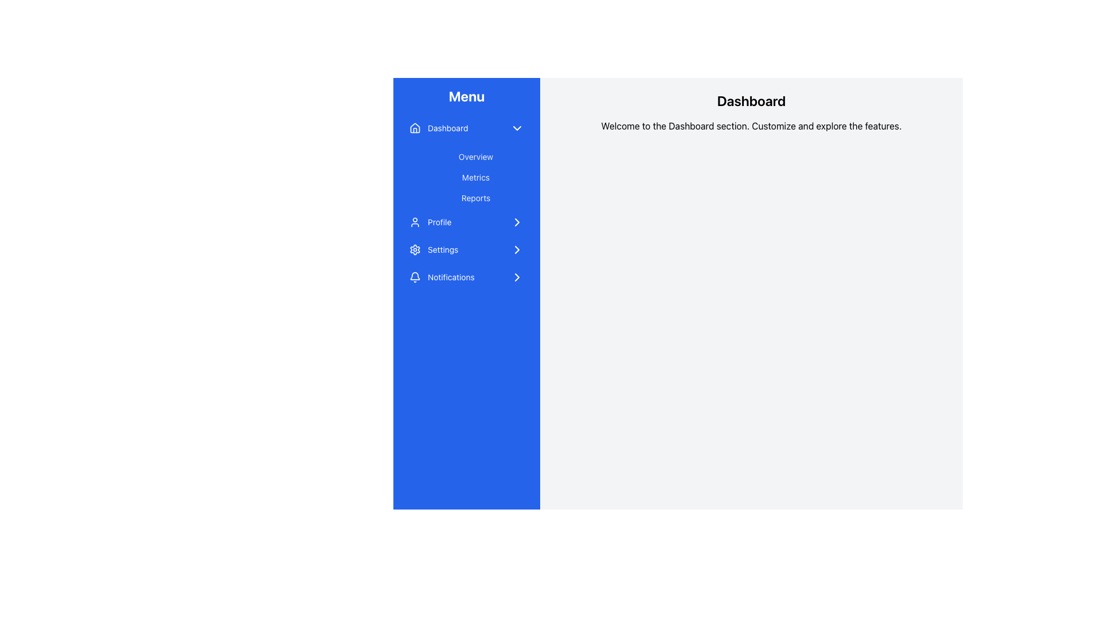  Describe the element at coordinates (467, 202) in the screenshot. I see `the 'Reports' text item in the menu for keyboard navigation, located under the 'Dashboard' submenu, positioned below 'Metrics' and above 'Profile'` at that location.